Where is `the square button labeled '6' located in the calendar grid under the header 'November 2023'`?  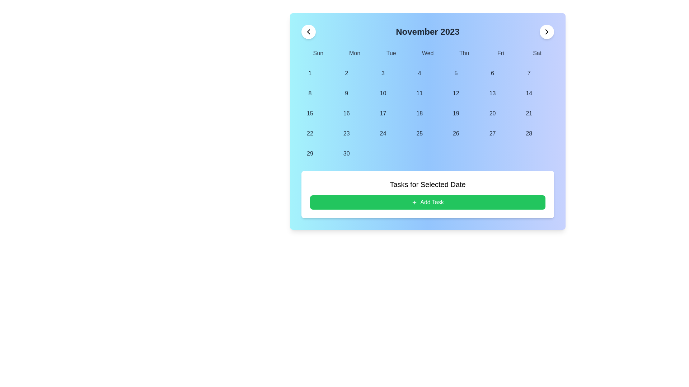
the square button labeled '6' located in the calendar grid under the header 'November 2023' is located at coordinates (492, 73).